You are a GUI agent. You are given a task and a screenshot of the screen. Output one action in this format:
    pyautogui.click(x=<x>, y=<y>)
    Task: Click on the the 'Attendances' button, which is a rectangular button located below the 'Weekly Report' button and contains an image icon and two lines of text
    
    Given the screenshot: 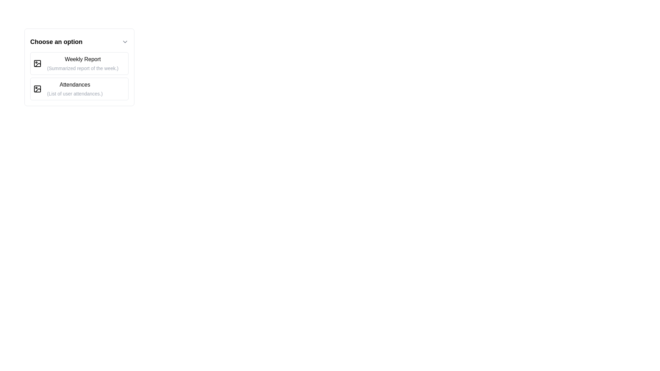 What is the action you would take?
    pyautogui.click(x=79, y=88)
    